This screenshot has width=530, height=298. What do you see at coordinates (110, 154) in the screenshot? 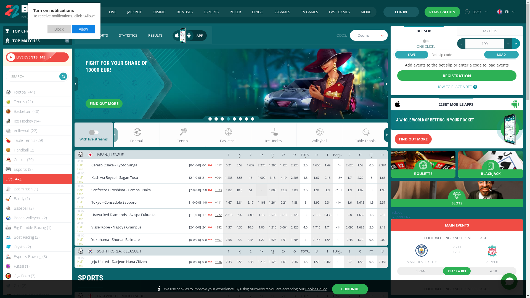
I see `'JAPAN. J-LEAGUE'` at bounding box center [110, 154].